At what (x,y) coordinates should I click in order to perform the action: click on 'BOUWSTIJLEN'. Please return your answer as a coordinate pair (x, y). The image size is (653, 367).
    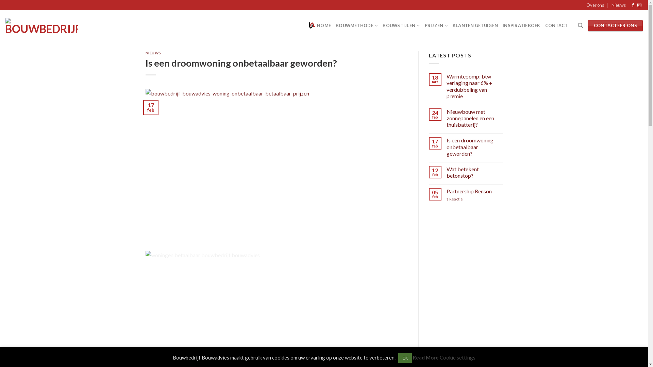
    Looking at the image, I should click on (382, 25).